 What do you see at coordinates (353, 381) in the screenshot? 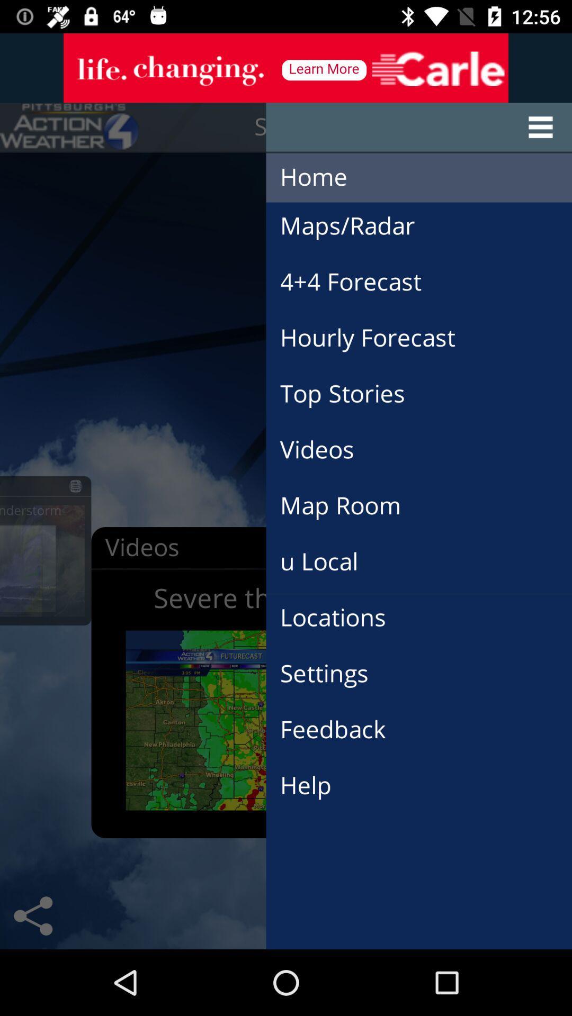
I see `top stories` at bounding box center [353, 381].